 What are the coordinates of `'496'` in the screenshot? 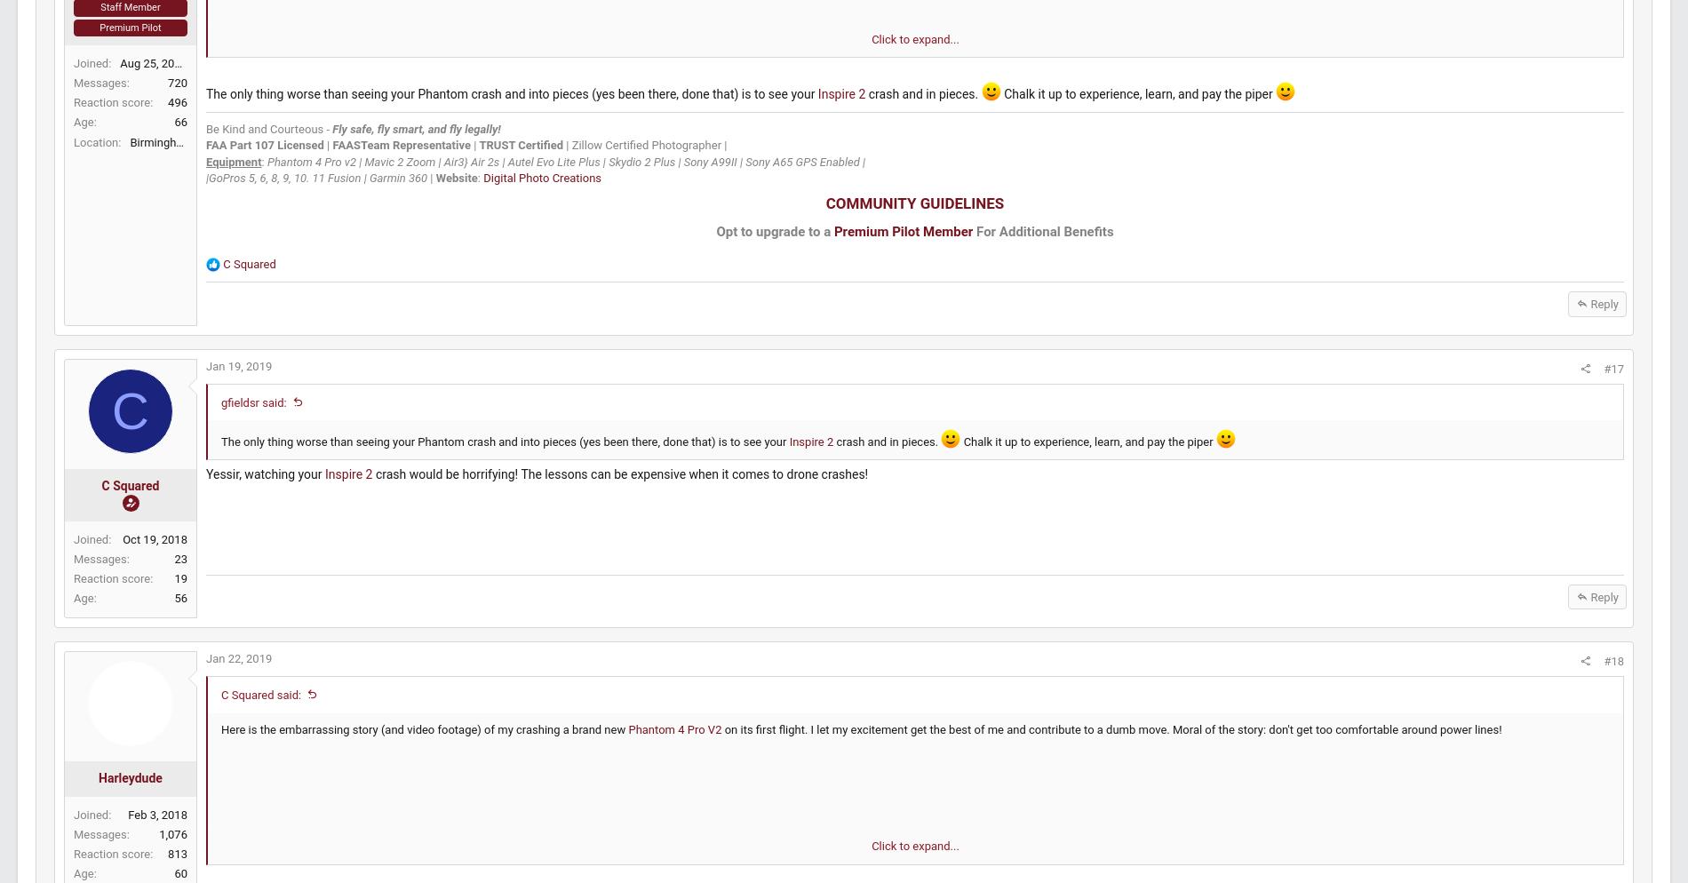 It's located at (219, 137).